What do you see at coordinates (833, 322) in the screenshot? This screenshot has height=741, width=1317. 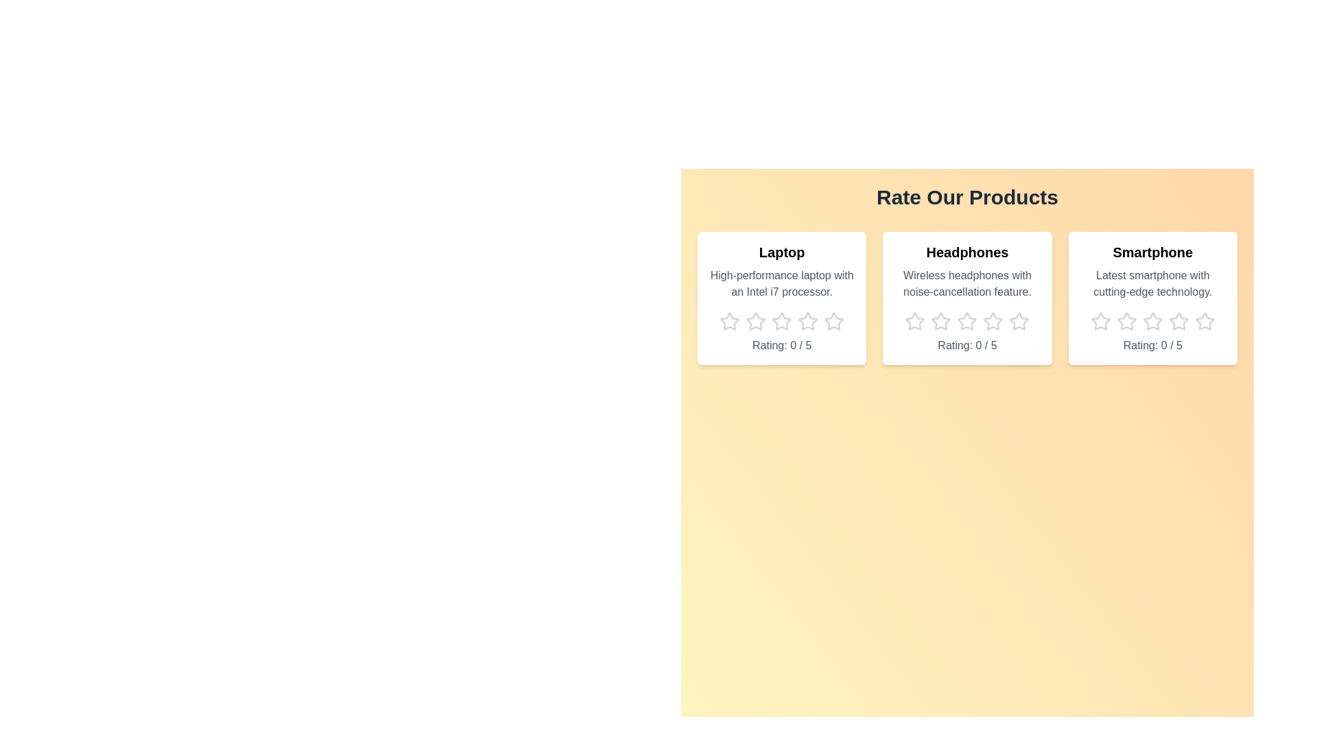 I see `the star icon corresponding to 5 stars for the product Laptop` at bounding box center [833, 322].